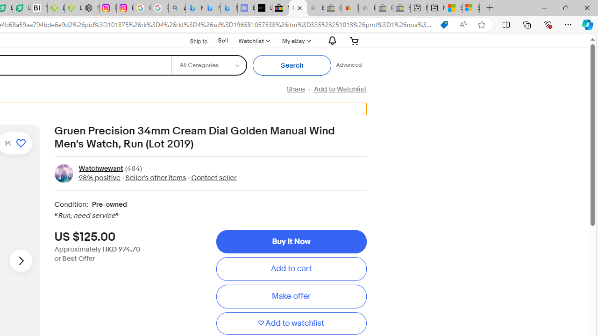 This screenshot has height=336, width=598. Describe the element at coordinates (214, 177) in the screenshot. I see `'Contact seller'` at that location.